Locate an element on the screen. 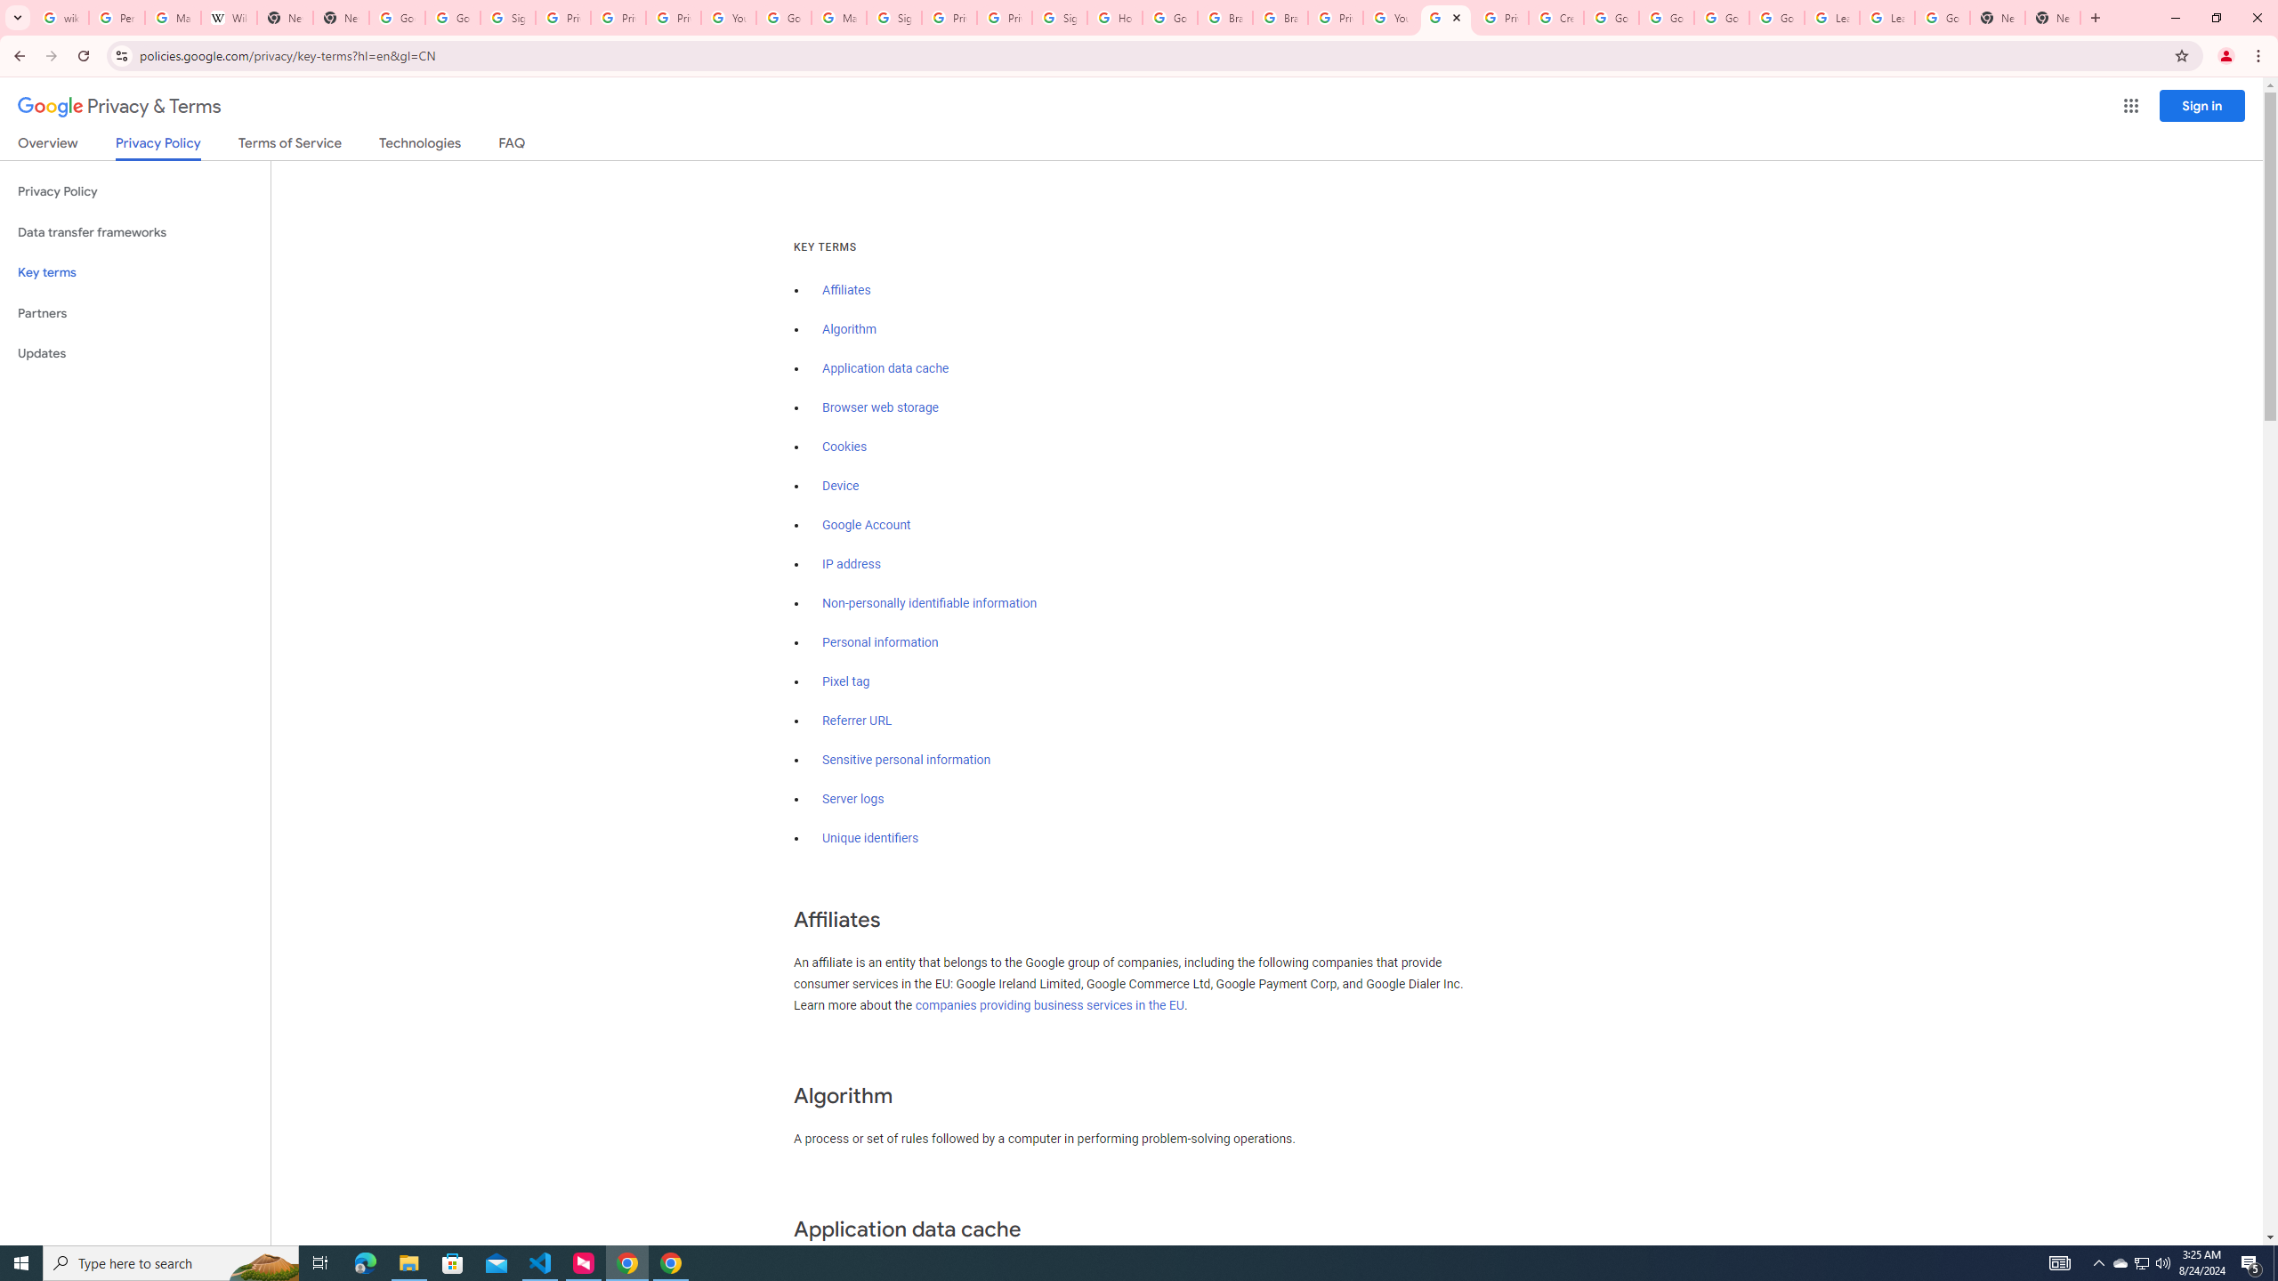  'Non-personally identifiable information' is located at coordinates (928, 602).